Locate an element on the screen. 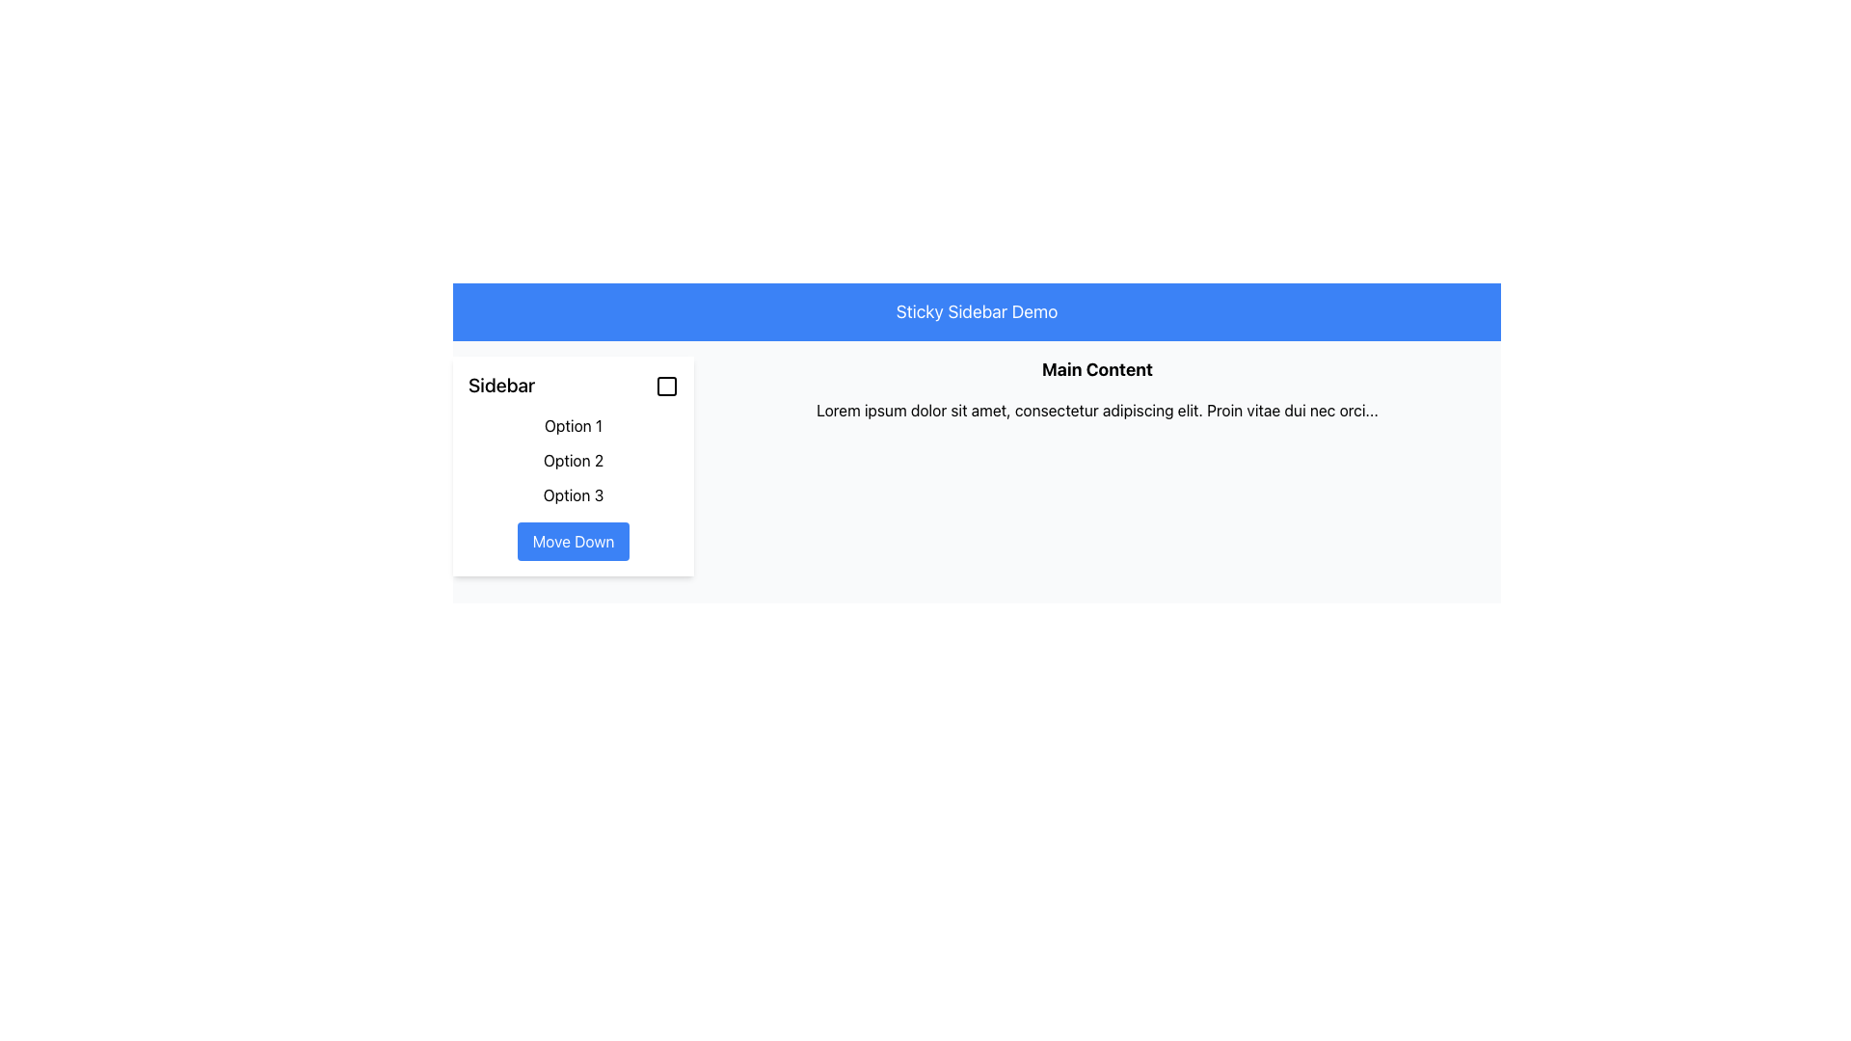 The width and height of the screenshot is (1851, 1041). the Text Display element located beneath the header 'Main Content' that presents a line of text is located at coordinates (1097, 409).